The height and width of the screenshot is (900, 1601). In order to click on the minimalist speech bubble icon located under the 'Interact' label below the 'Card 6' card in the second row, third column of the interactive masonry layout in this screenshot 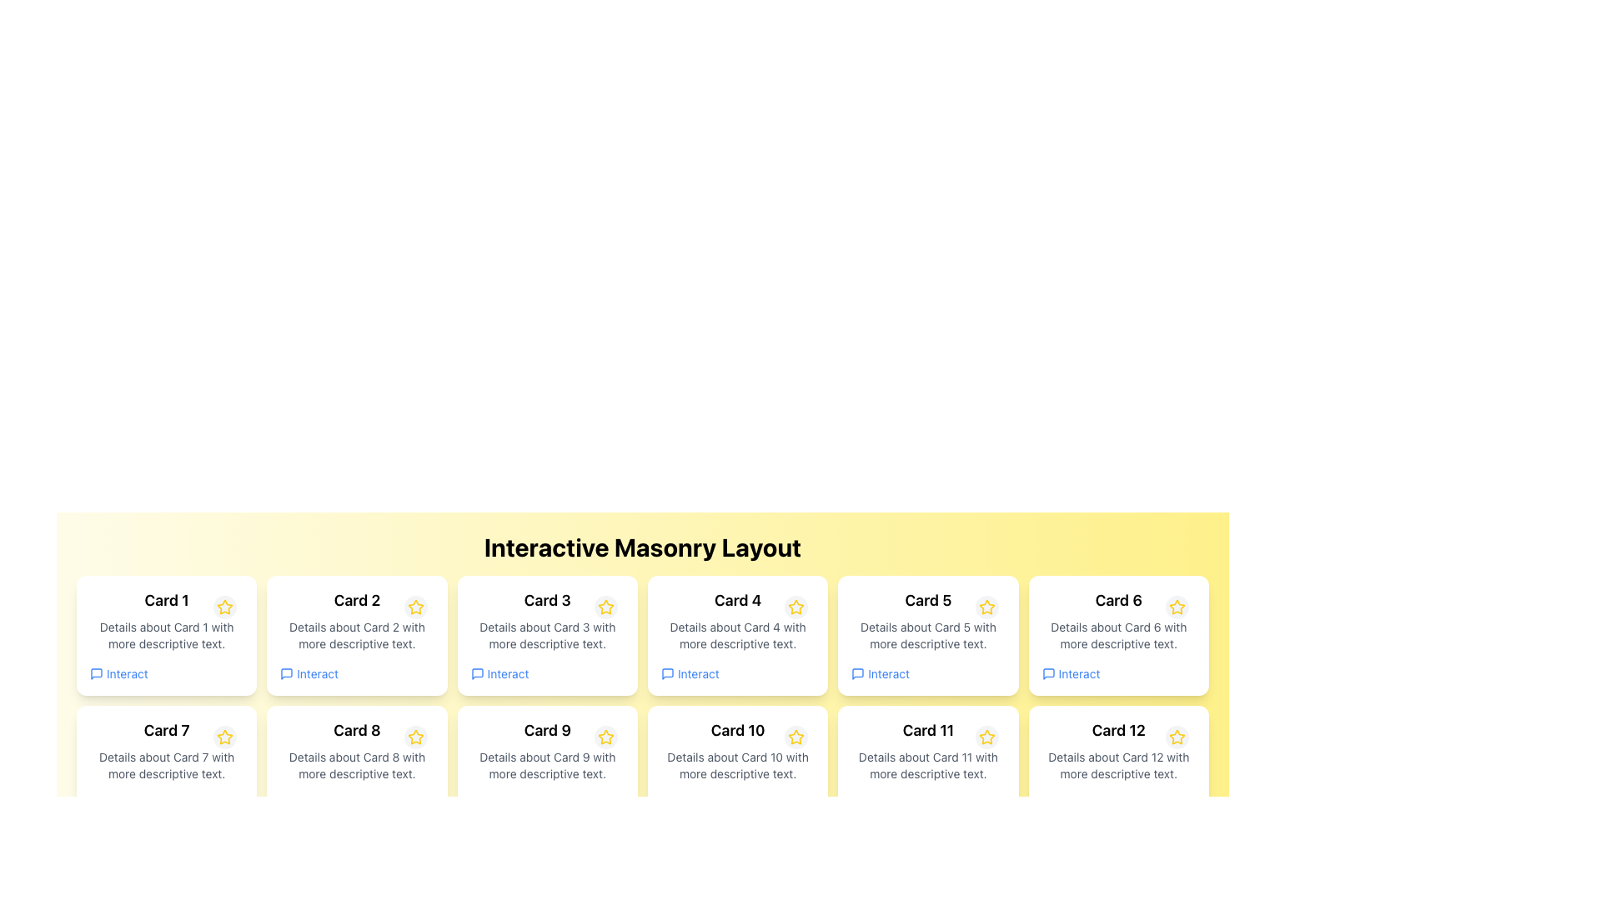, I will do `click(1047, 673)`.